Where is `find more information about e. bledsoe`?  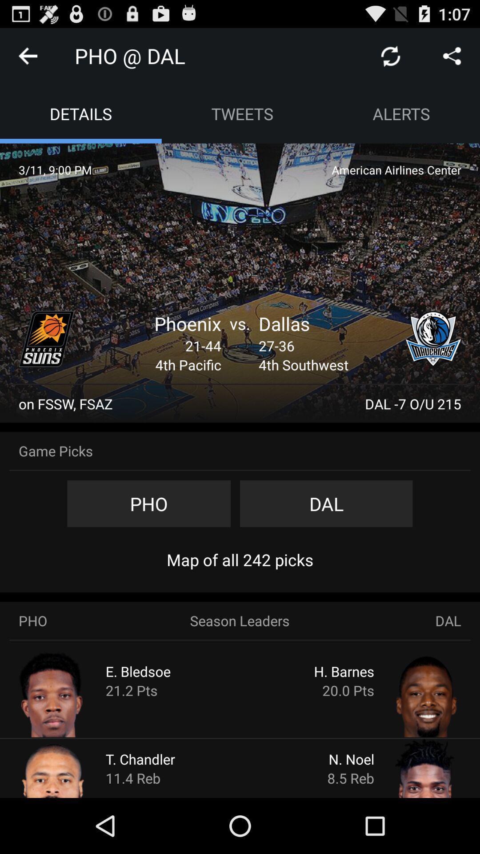
find more information about e. bledsoe is located at coordinates (69, 693).